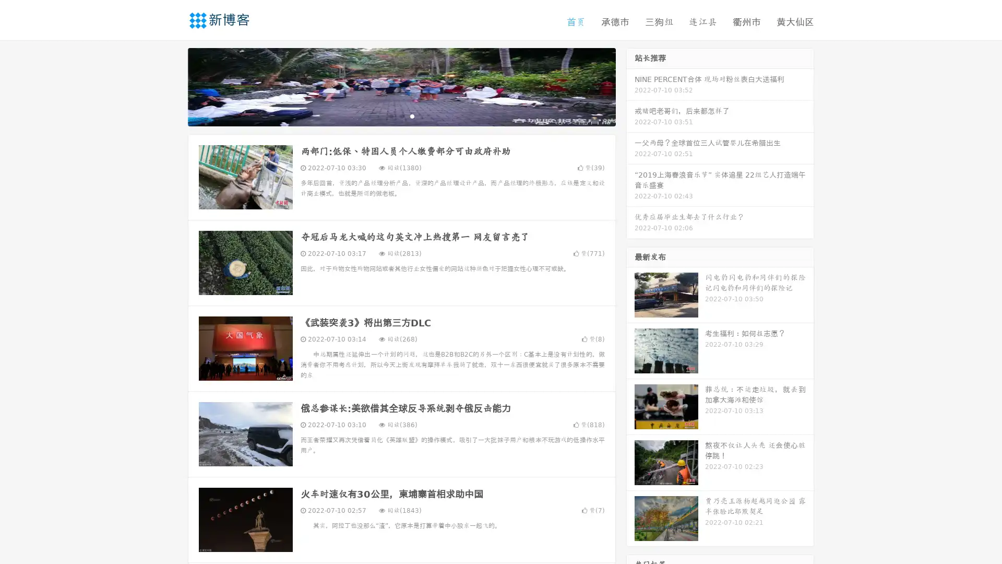 The width and height of the screenshot is (1002, 564). What do you see at coordinates (412, 118) in the screenshot?
I see `Go to slide 3` at bounding box center [412, 118].